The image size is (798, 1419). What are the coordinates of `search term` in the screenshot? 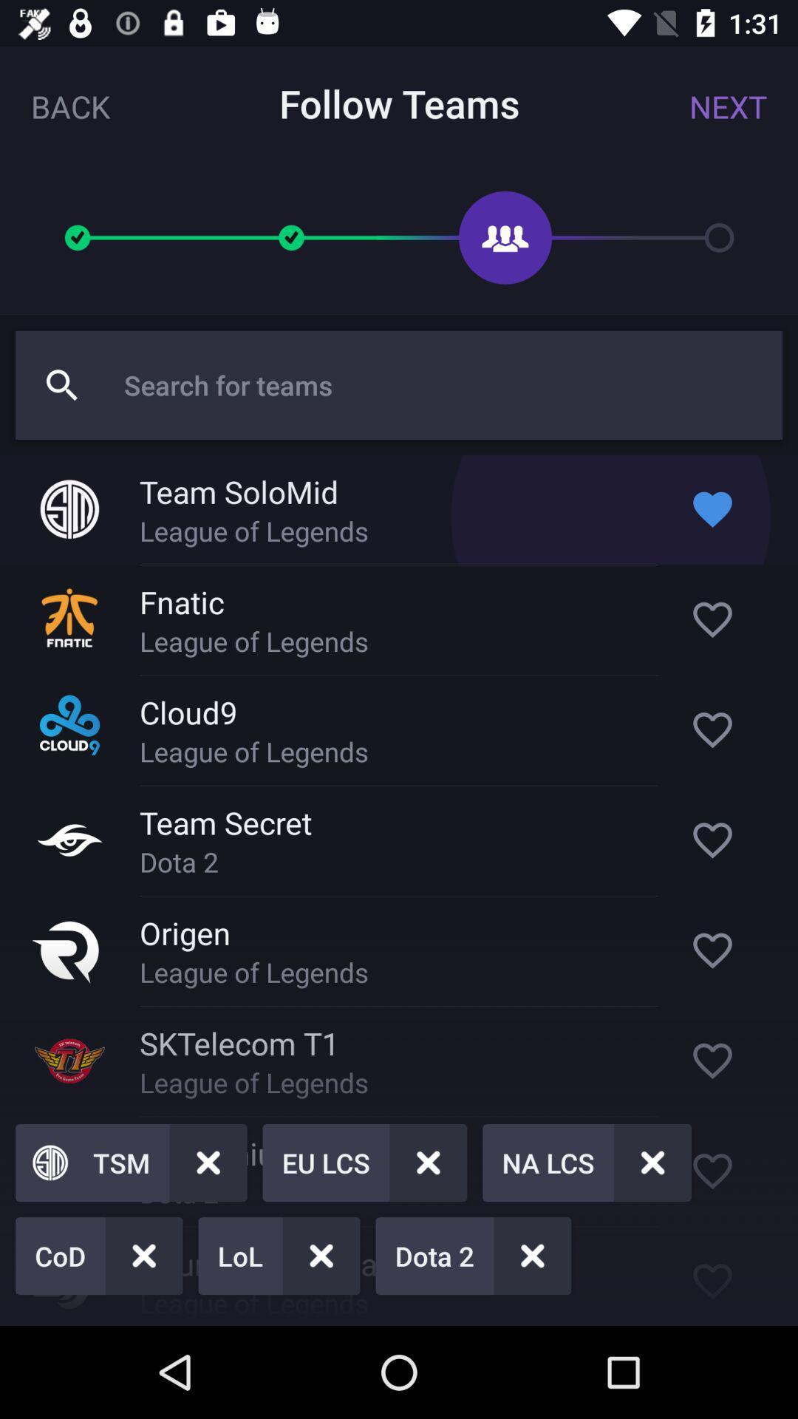 It's located at (444, 385).